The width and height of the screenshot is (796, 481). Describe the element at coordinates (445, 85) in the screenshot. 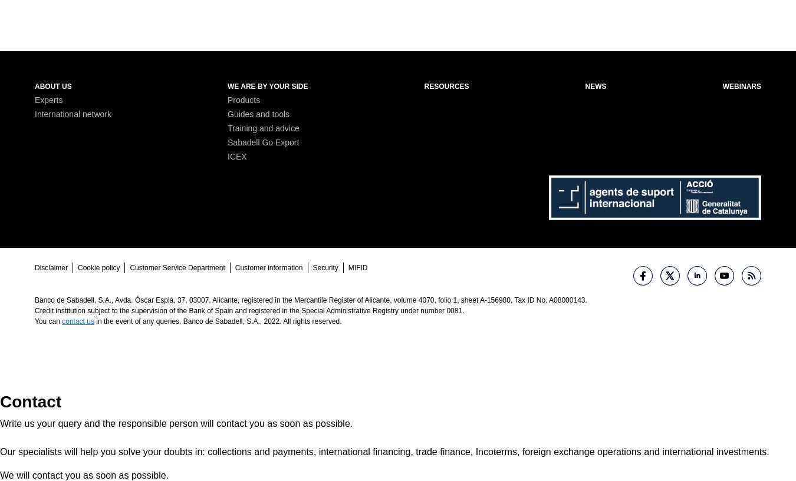

I see `'Resources'` at that location.